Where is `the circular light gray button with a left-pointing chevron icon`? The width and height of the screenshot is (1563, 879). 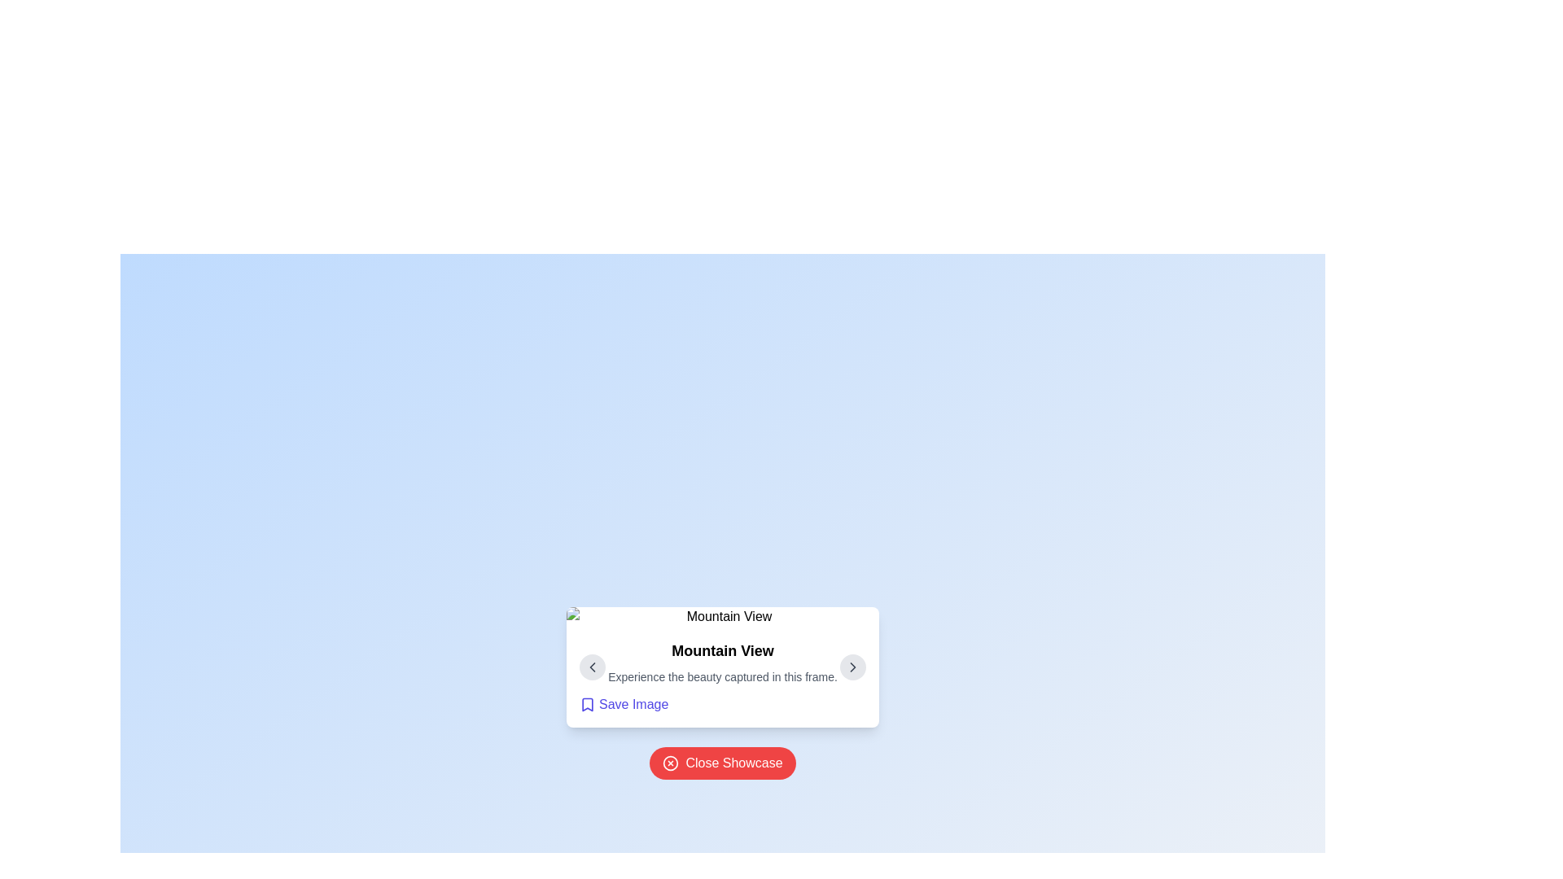 the circular light gray button with a left-pointing chevron icon is located at coordinates (592, 667).